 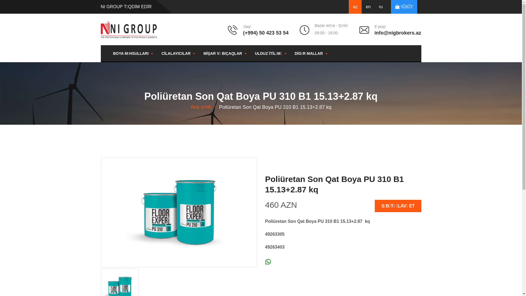 What do you see at coordinates (362, 7) in the screenshot?
I see `'en'` at bounding box center [362, 7].